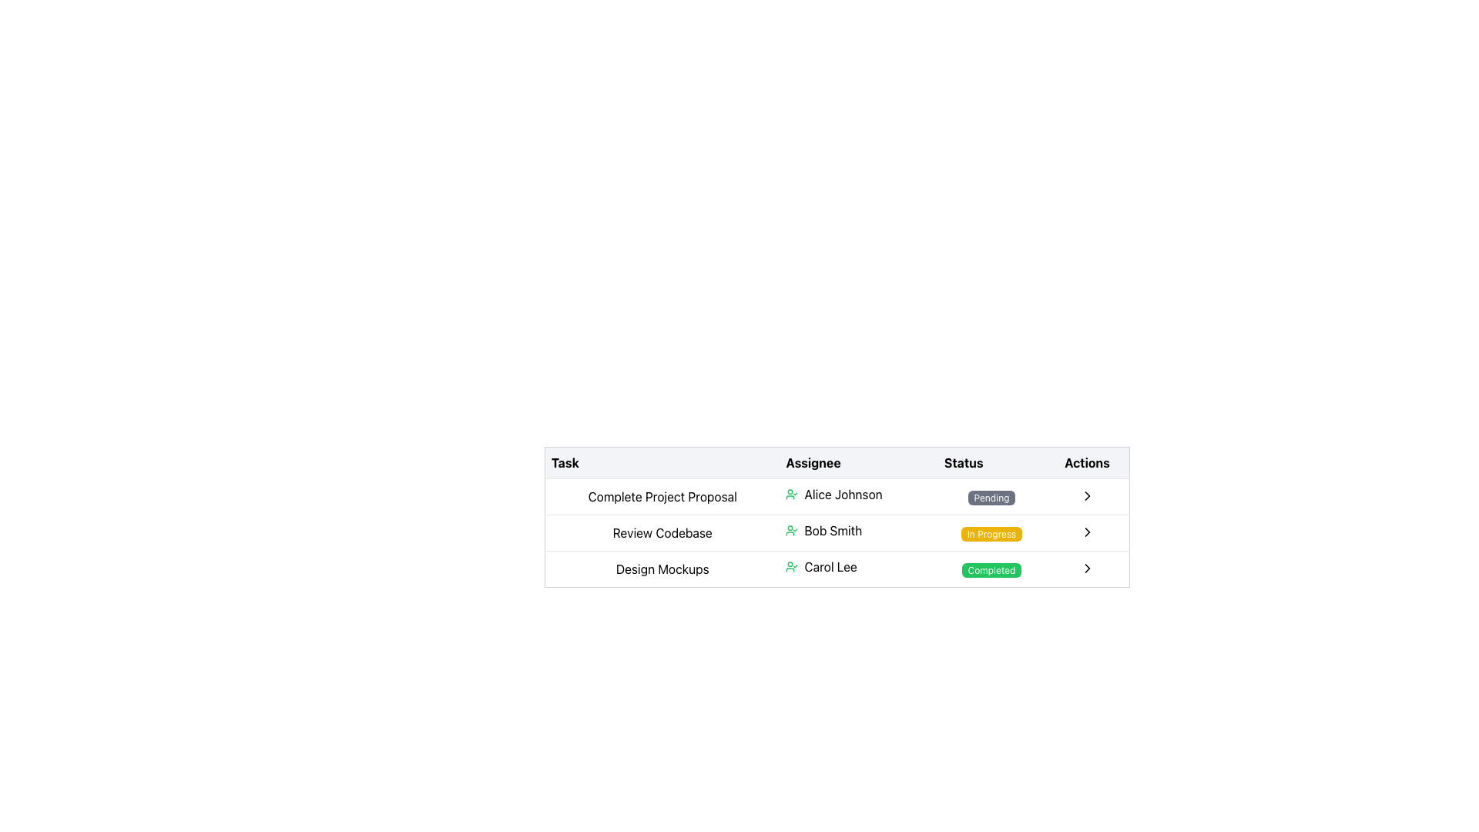  What do you see at coordinates (991, 569) in the screenshot?
I see `the 'Completed' button with a green background and white text, located in the 'Design Mockups' row under the 'Status' column, associated with 'Carol Lee'` at bounding box center [991, 569].